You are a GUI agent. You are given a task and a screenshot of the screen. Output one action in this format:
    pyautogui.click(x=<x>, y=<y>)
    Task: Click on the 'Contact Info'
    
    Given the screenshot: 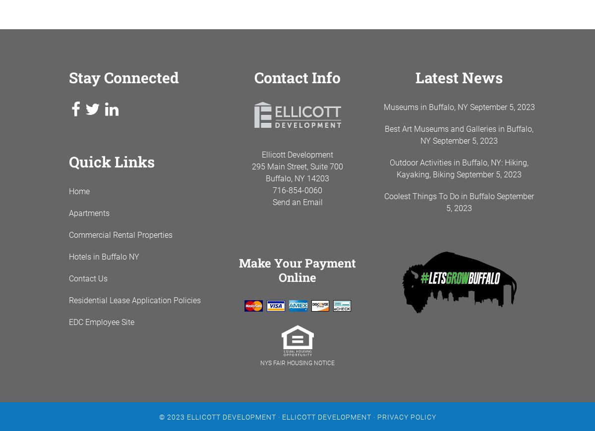 What is the action you would take?
    pyautogui.click(x=297, y=77)
    